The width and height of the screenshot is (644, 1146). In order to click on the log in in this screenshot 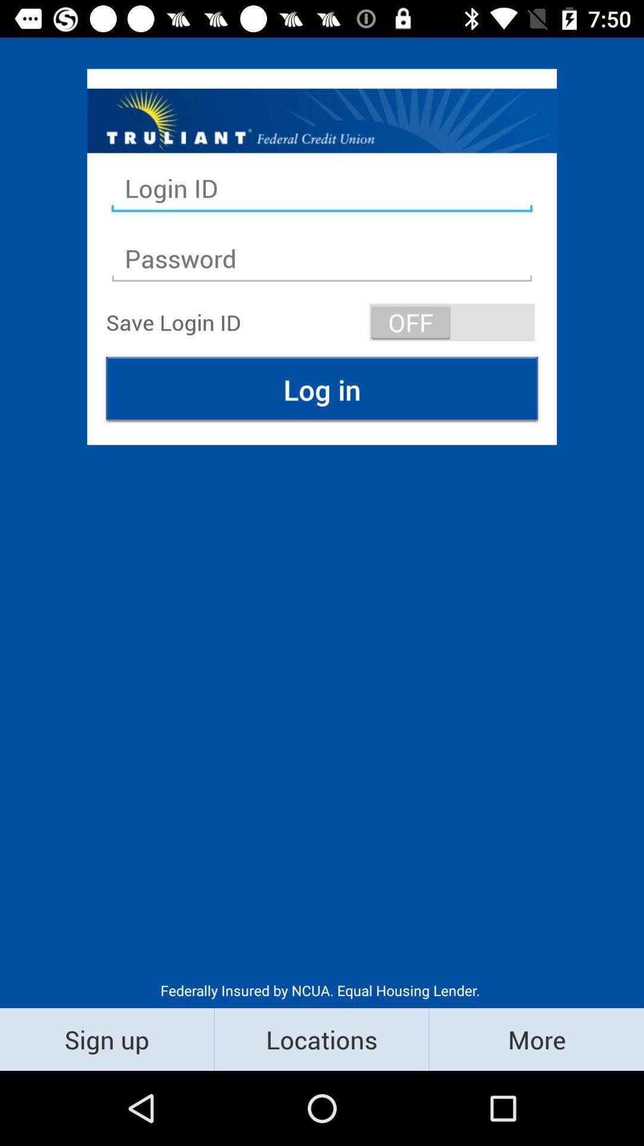, I will do `click(322, 389)`.